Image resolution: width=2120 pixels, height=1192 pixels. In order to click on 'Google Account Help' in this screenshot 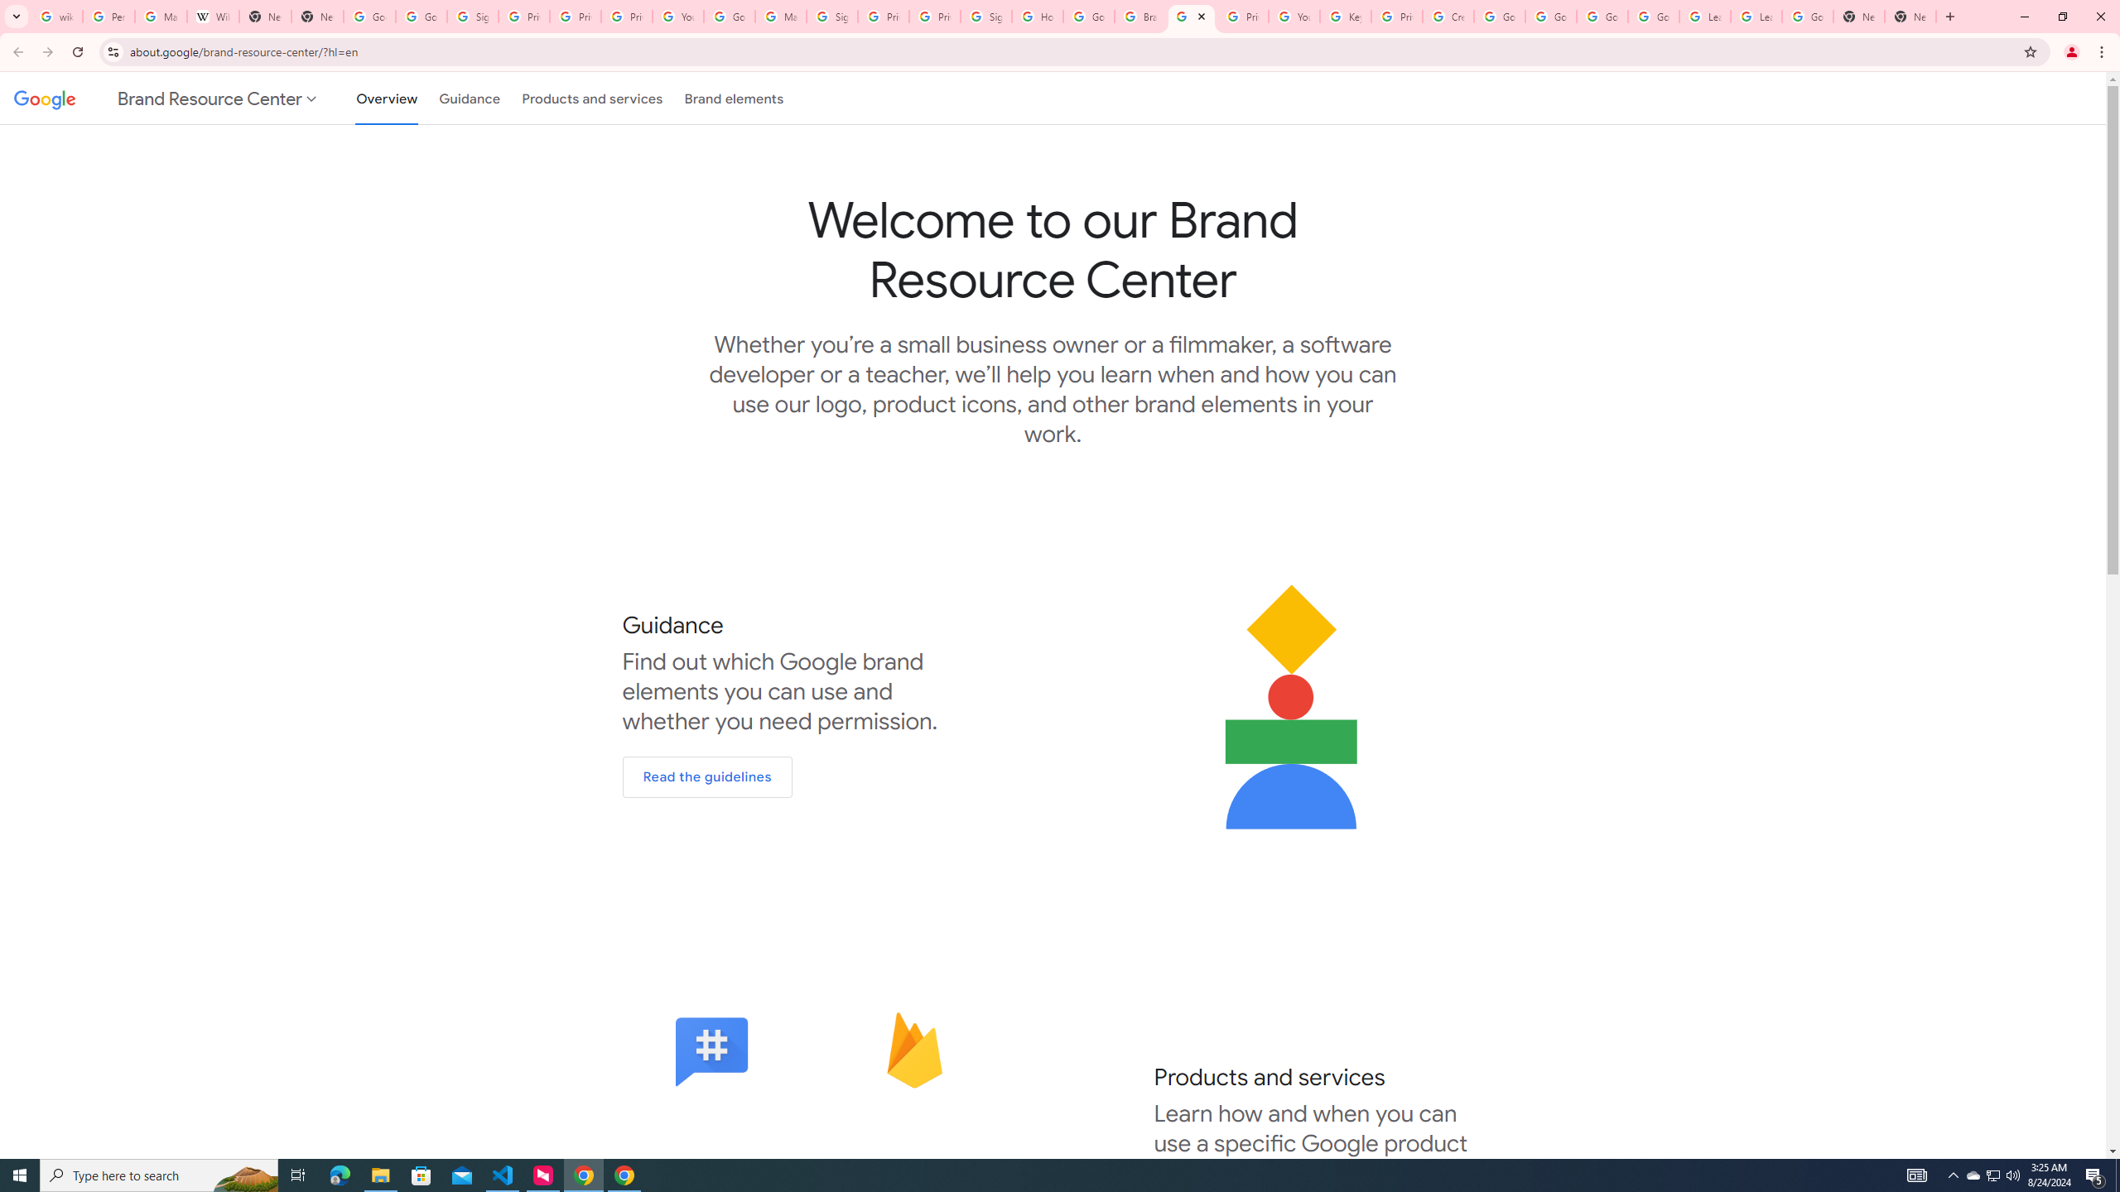, I will do `click(1549, 16)`.